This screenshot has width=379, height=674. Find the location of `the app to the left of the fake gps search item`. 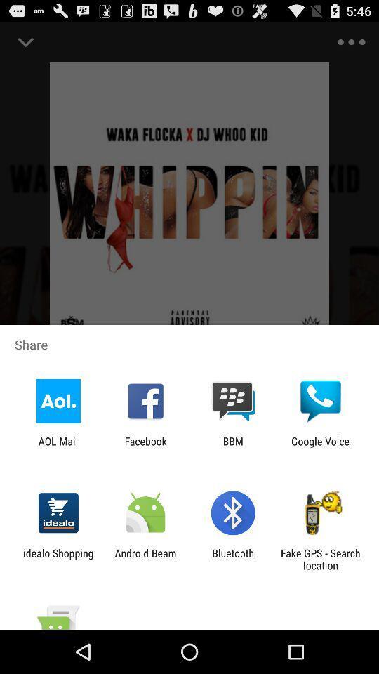

the app to the left of the fake gps search item is located at coordinates (233, 559).